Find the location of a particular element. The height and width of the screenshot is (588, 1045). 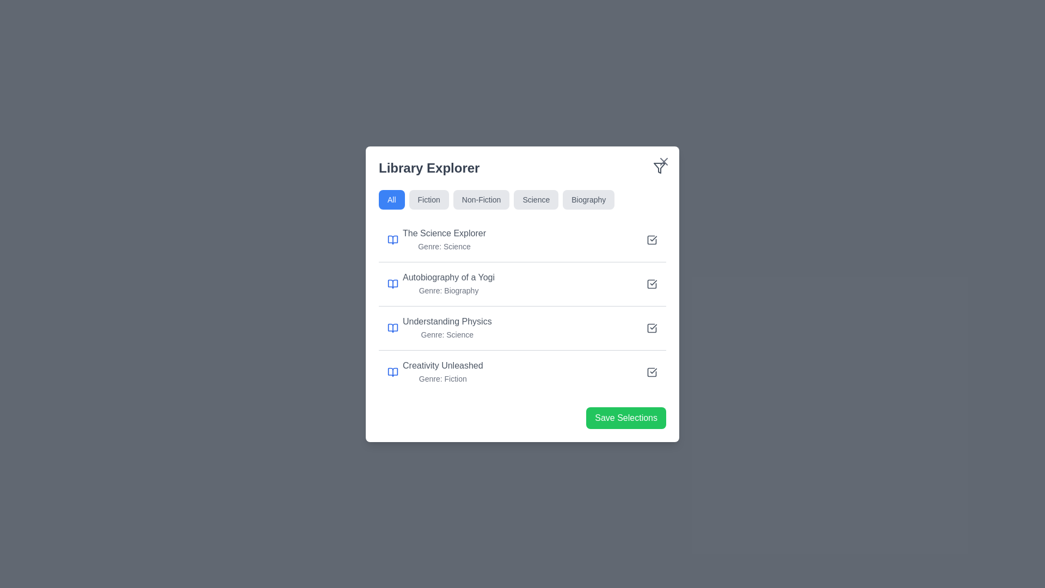

the book icon representing the 'Creativity Unleashed' item located at the bottom of the list in the content section of the card is located at coordinates (392, 371).